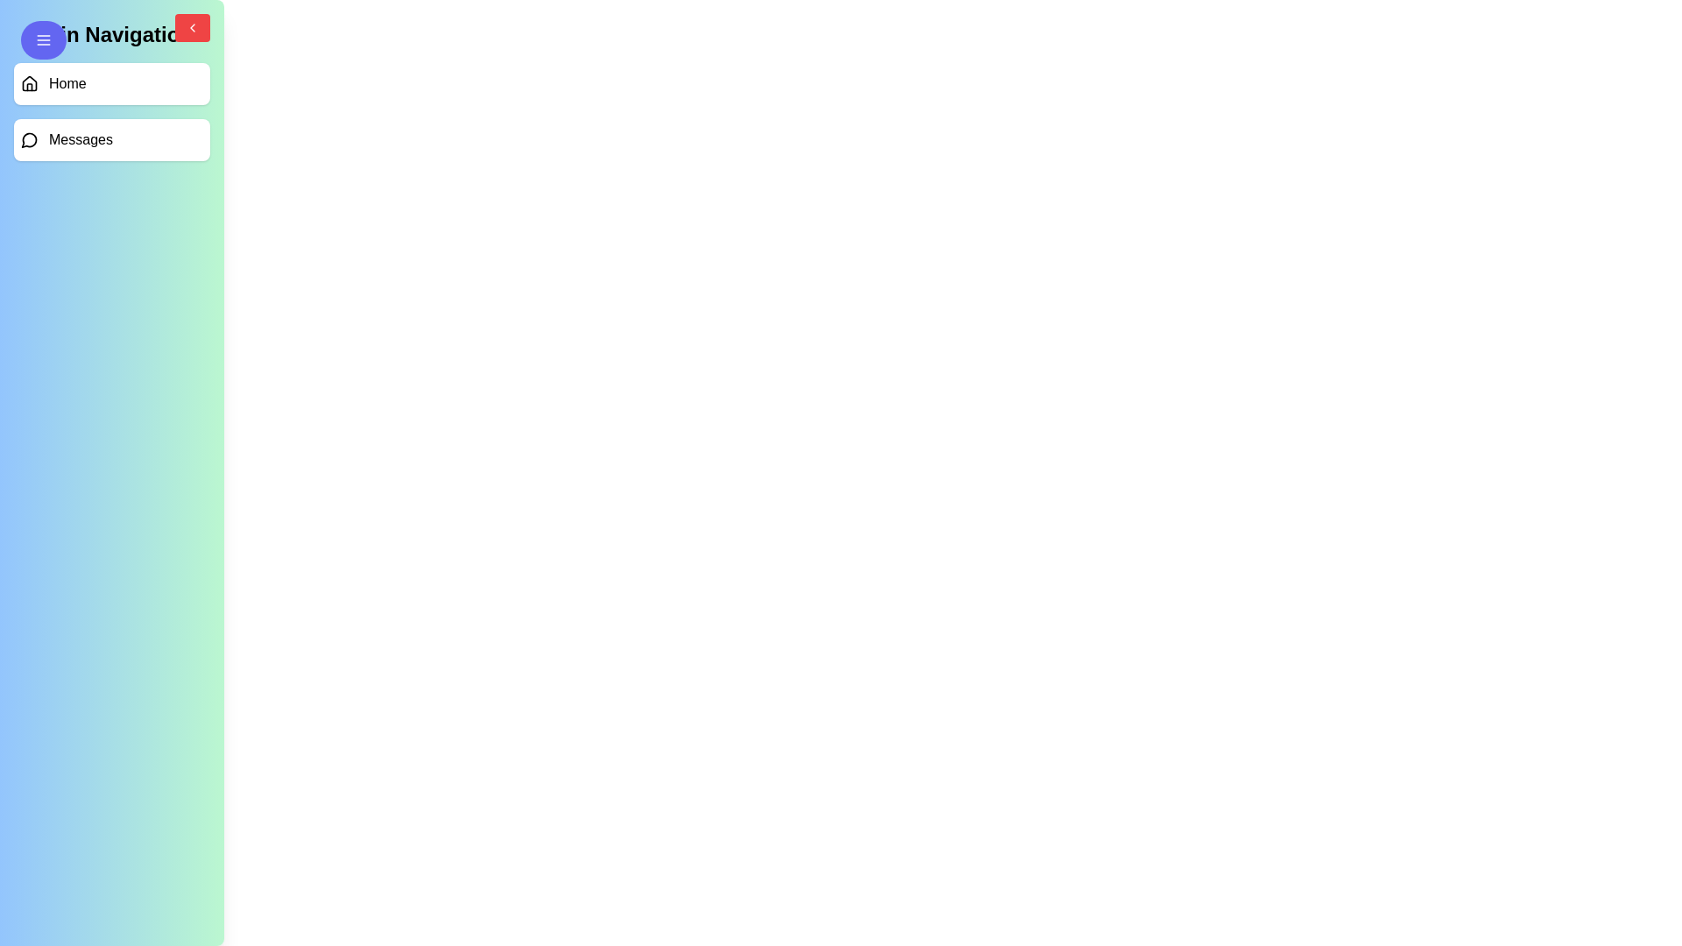  Describe the element at coordinates (43, 39) in the screenshot. I see `the circular blue button with white horizontal lines representing a menu icon located at the top-left corner of the navigation panel to change its appearance` at that location.